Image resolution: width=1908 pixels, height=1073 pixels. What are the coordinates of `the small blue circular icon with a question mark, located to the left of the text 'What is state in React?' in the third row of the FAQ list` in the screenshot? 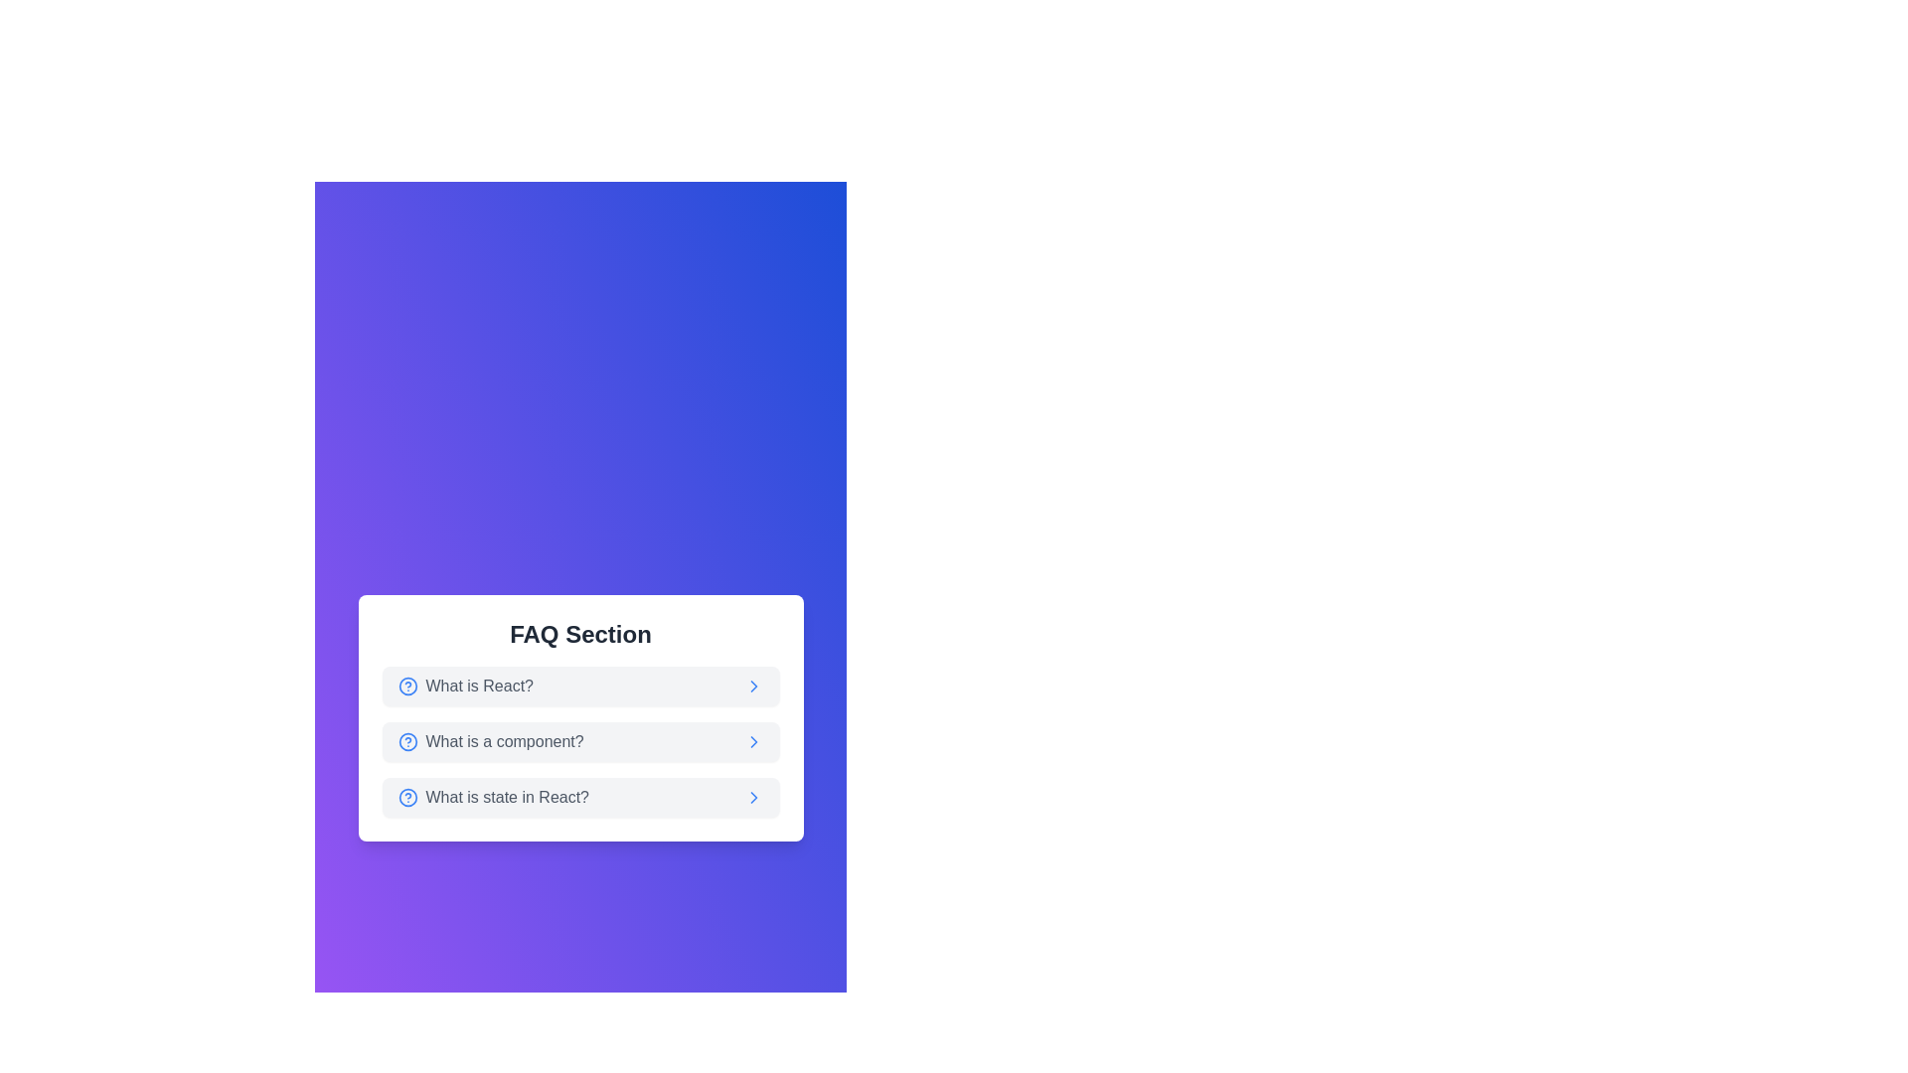 It's located at (406, 796).